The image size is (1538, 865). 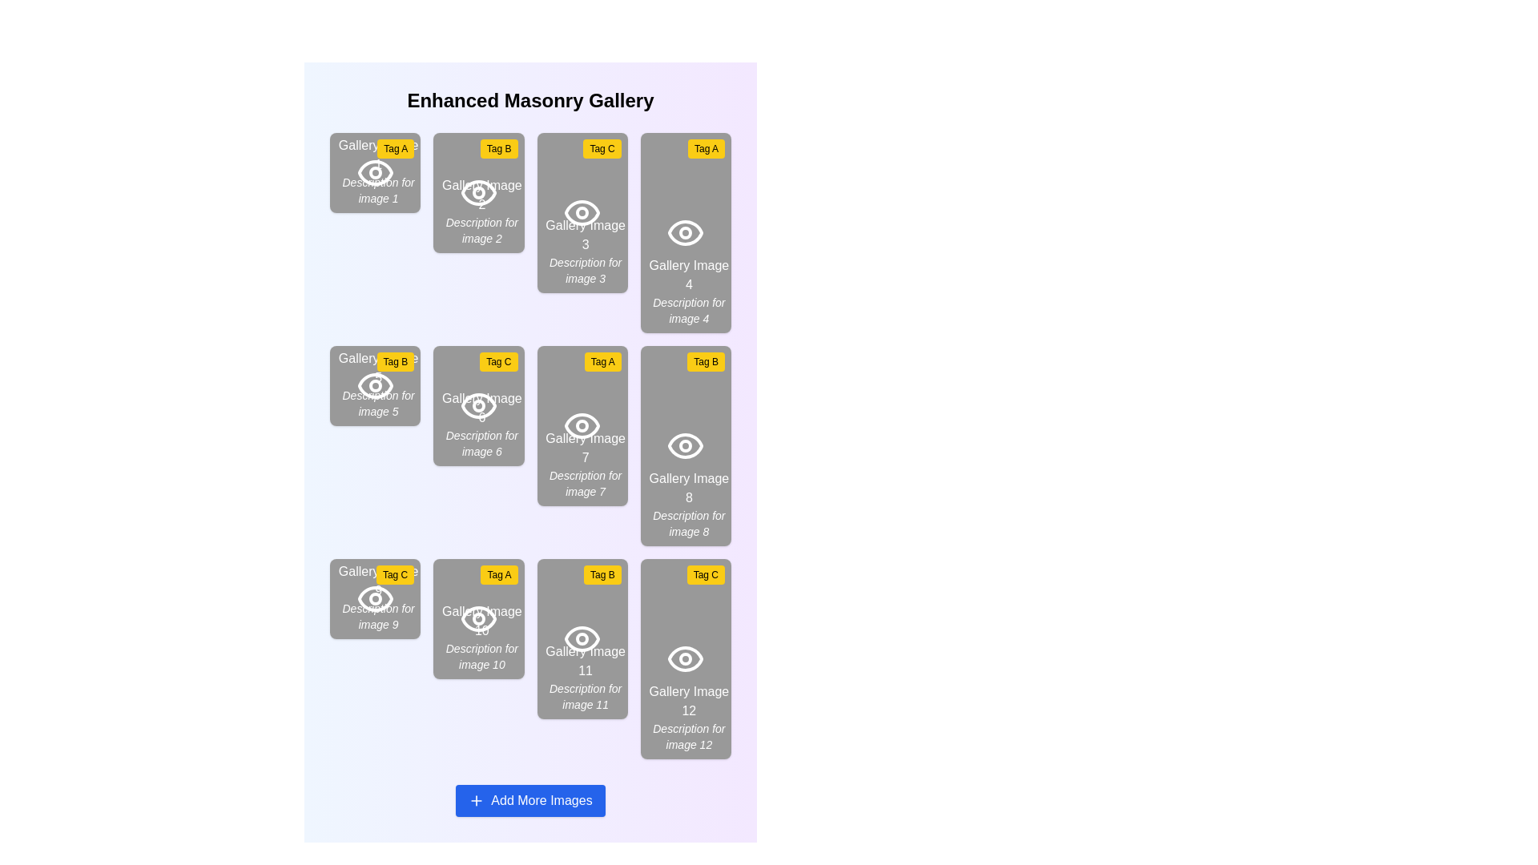 What do you see at coordinates (582, 638) in the screenshot?
I see `the eye icon in the center of the card labeled 'Gallery Image 11'` at bounding box center [582, 638].